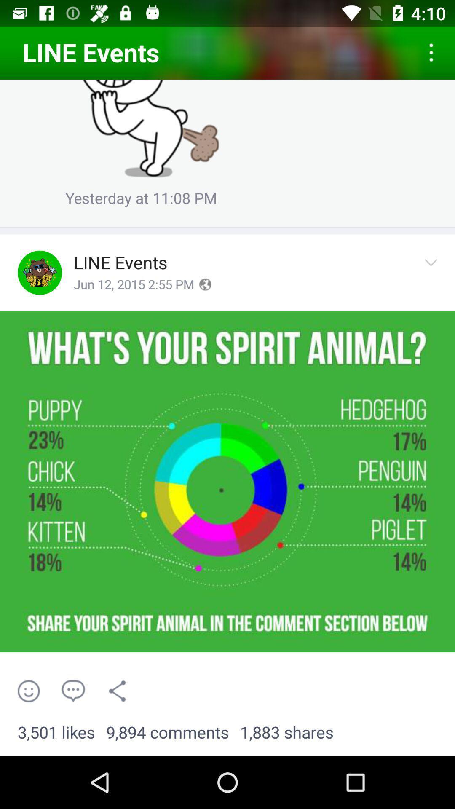 The image size is (455, 809). I want to click on the 3,501 likes icon, so click(56, 732).